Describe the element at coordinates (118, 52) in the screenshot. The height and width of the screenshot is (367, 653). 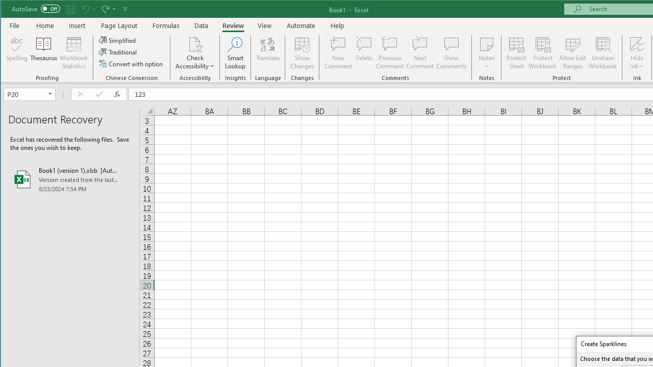
I see `'Traditional'` at that location.